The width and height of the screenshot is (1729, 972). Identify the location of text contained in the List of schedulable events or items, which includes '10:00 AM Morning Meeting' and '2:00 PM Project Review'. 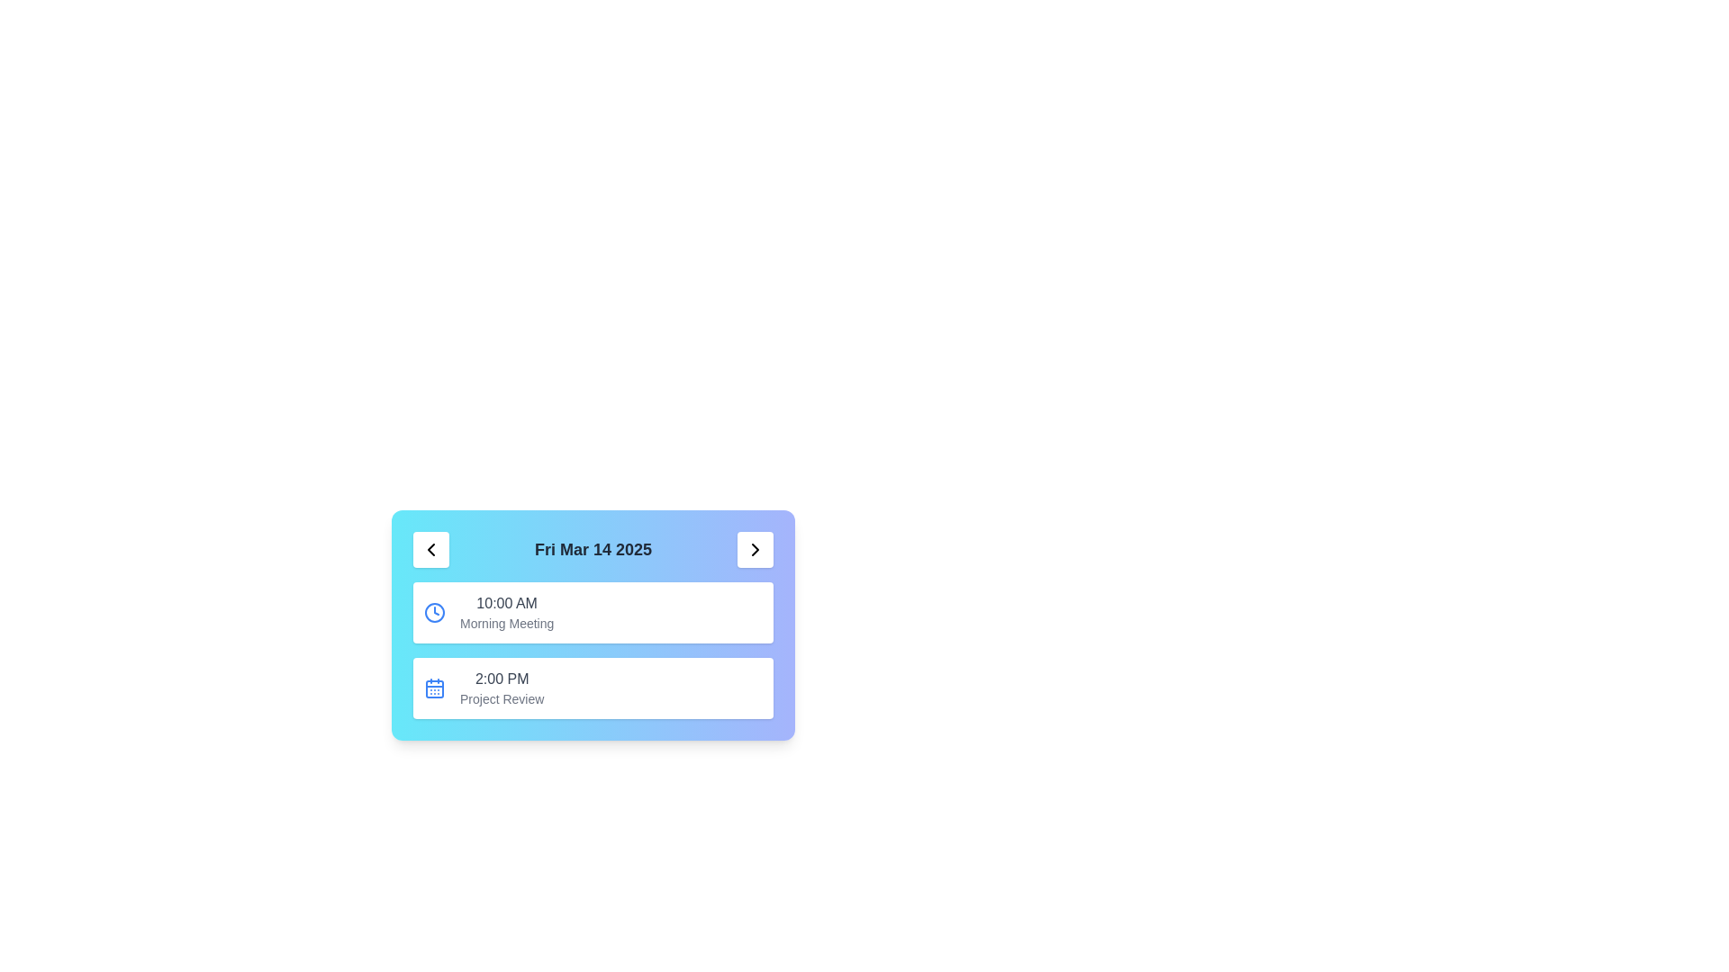
(593, 650).